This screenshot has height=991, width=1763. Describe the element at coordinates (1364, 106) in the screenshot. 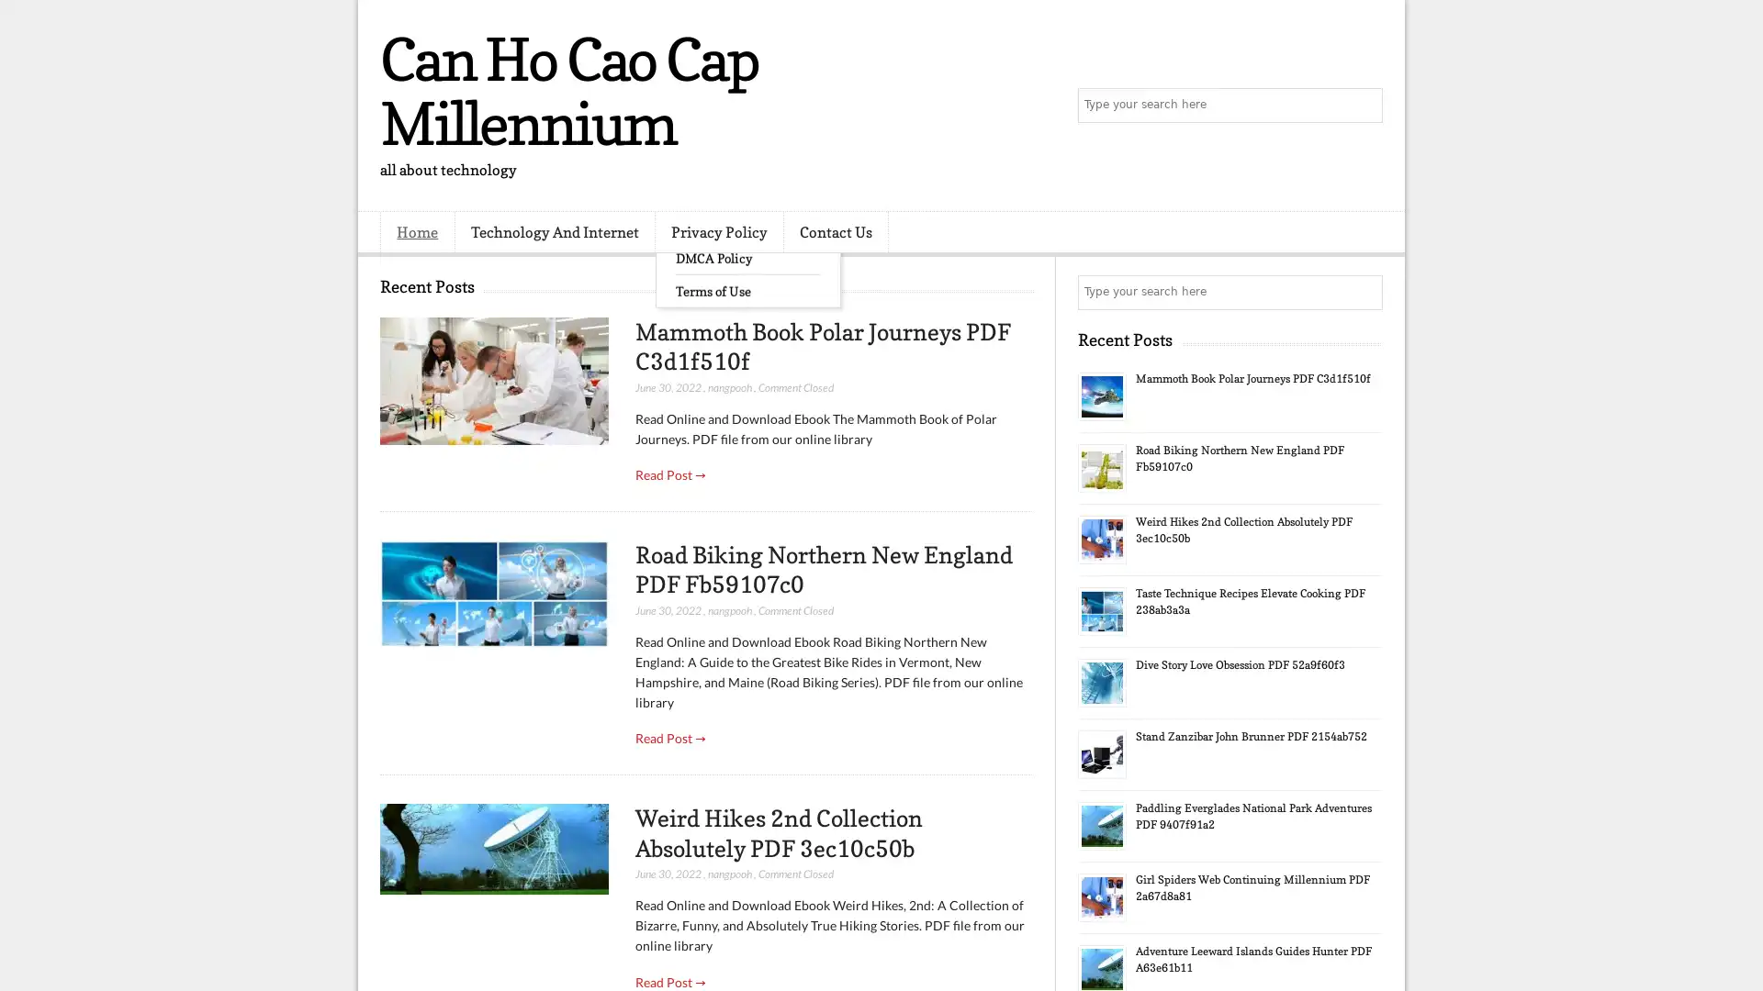

I see `Search` at that location.